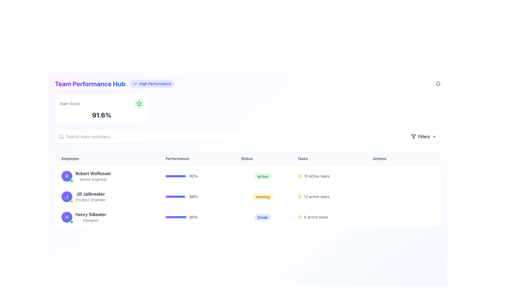  Describe the element at coordinates (175, 196) in the screenshot. I see `the progress bar located in the second row of the 'Performance' column` at that location.